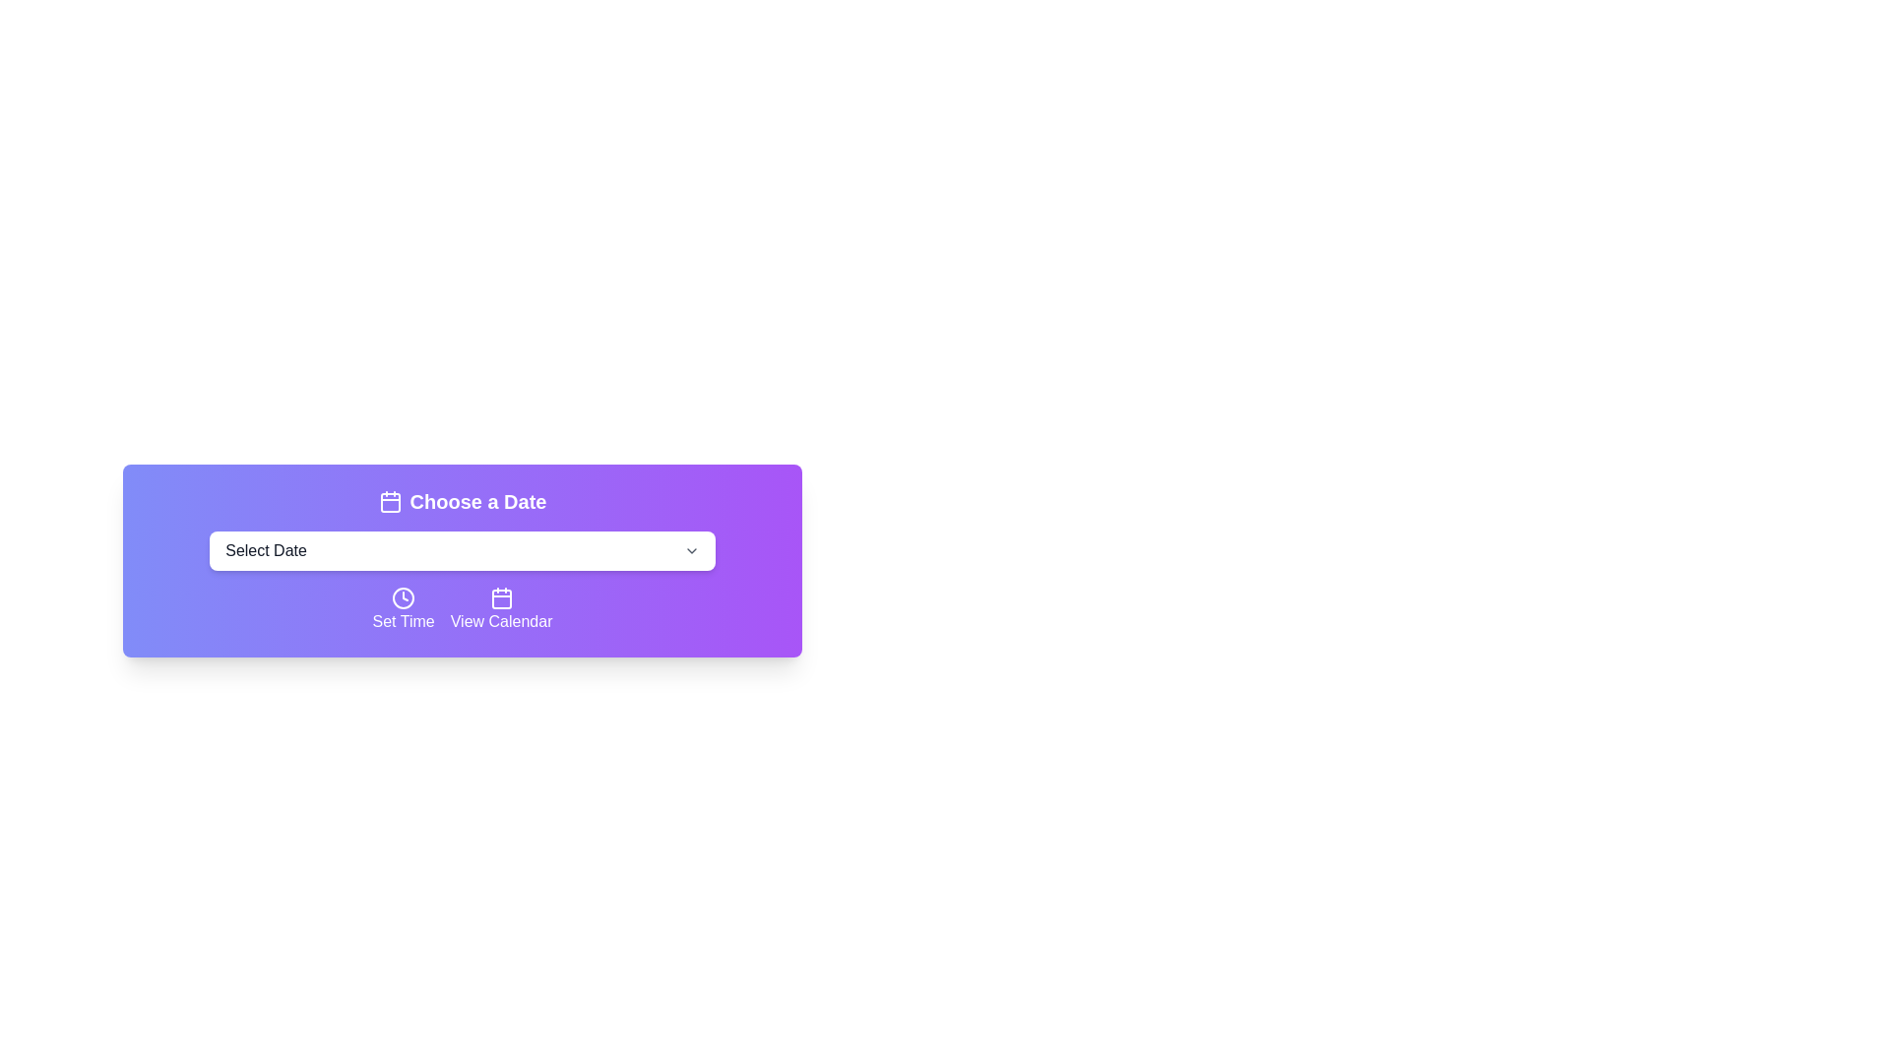  Describe the element at coordinates (462, 500) in the screenshot. I see `the header text labeled 'Choose a Date' which is styled in bold, extra-large font with a white color on a purple gradient background, accompanied by a small white calendar icon` at that location.